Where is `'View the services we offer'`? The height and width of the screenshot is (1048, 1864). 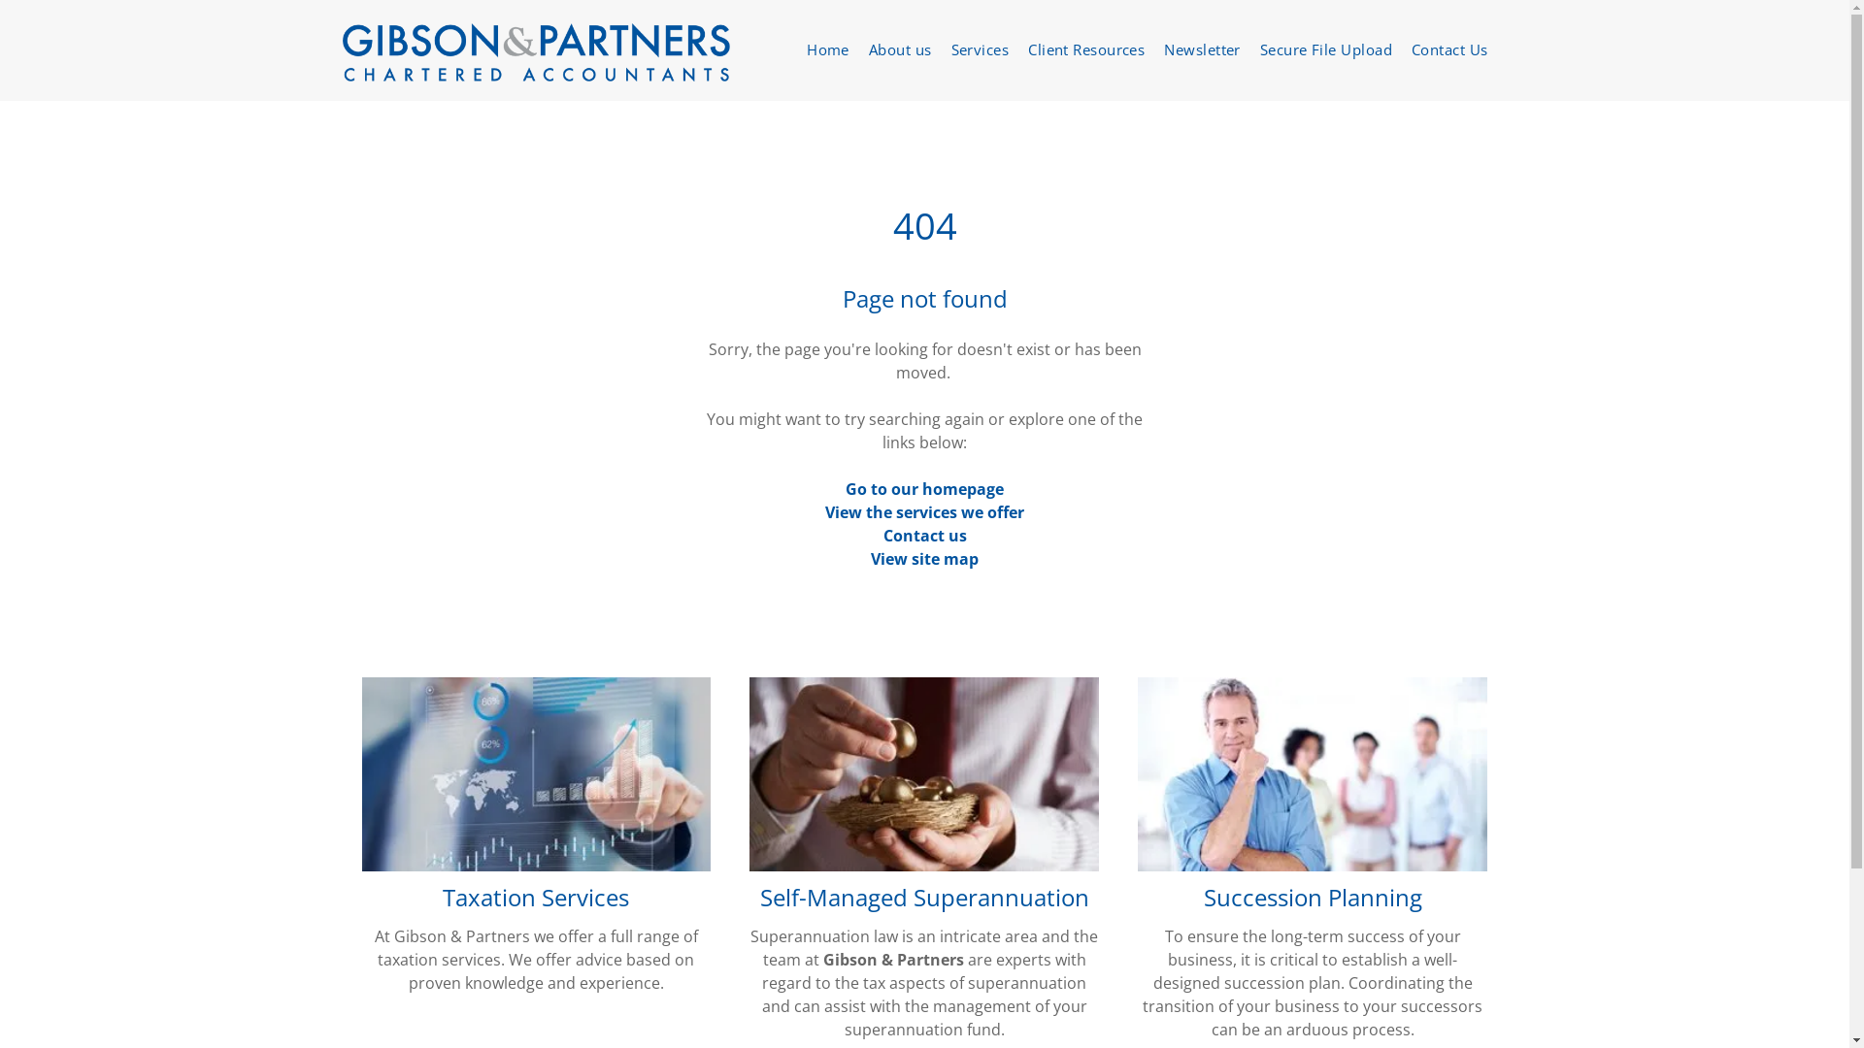
'View the services we offer' is located at coordinates (923, 511).